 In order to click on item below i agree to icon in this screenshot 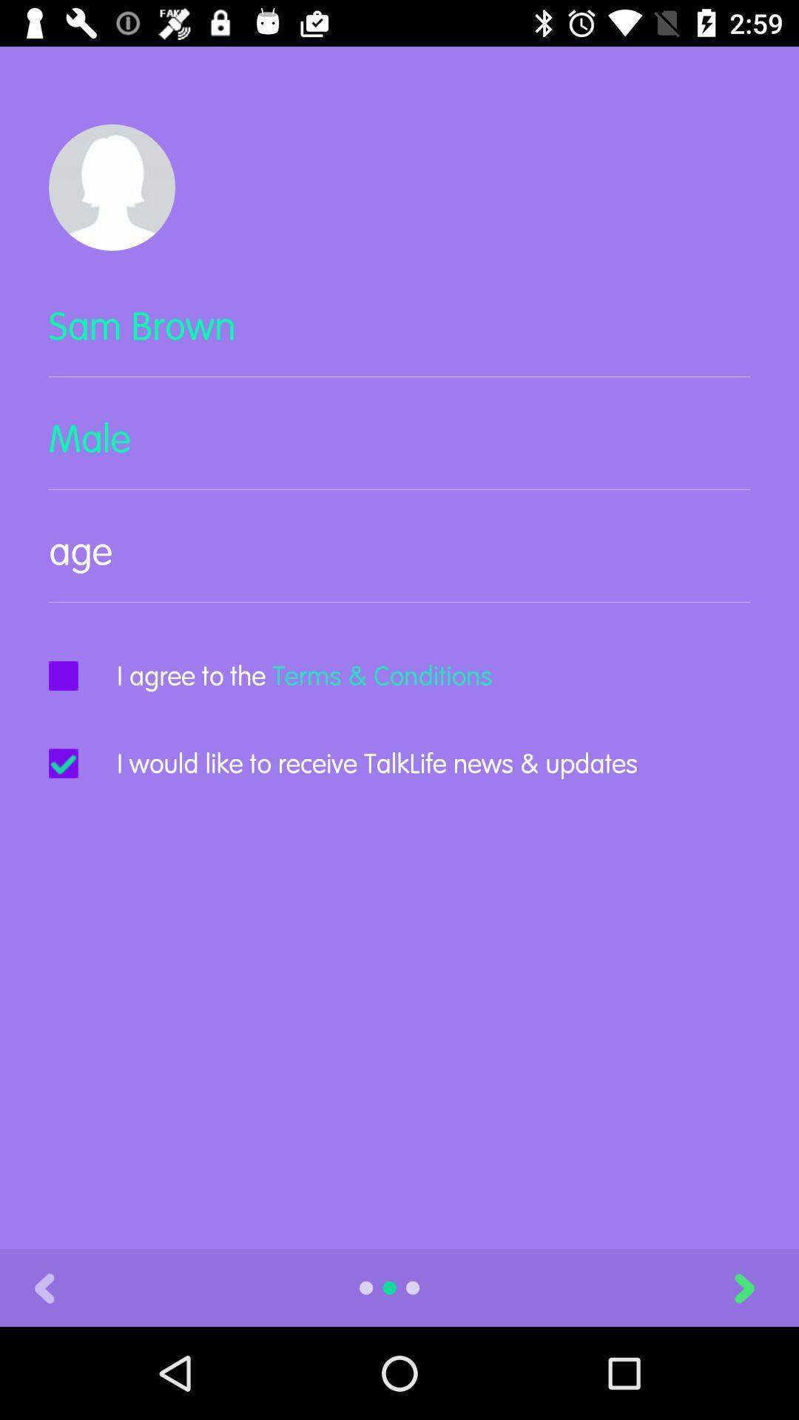, I will do `click(377, 763)`.